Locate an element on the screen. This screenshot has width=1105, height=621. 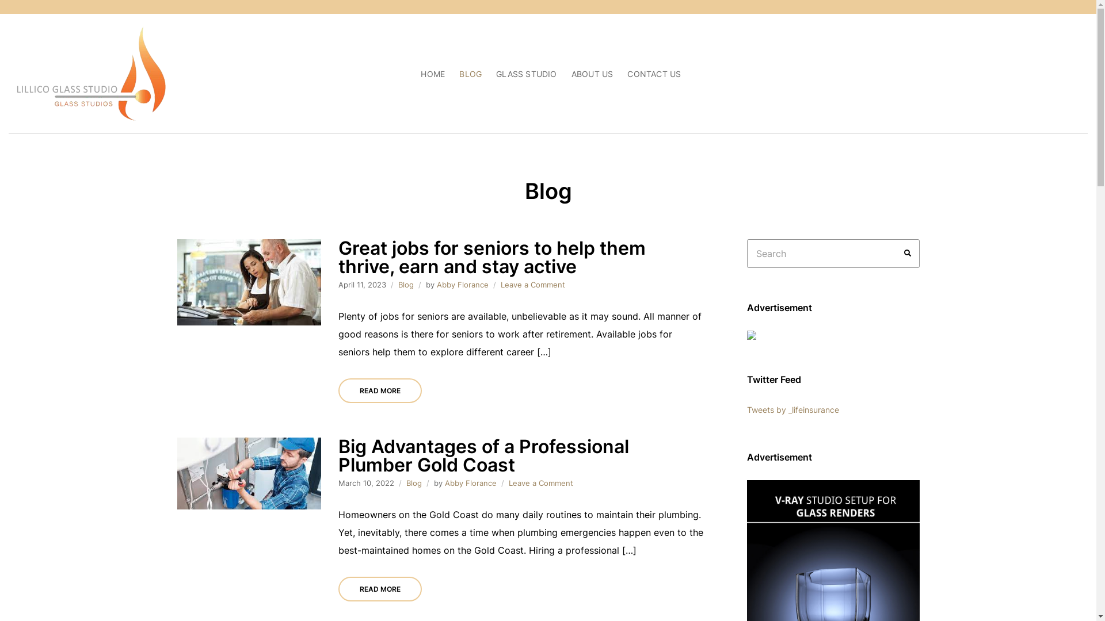
'Blog' is located at coordinates (406, 284).